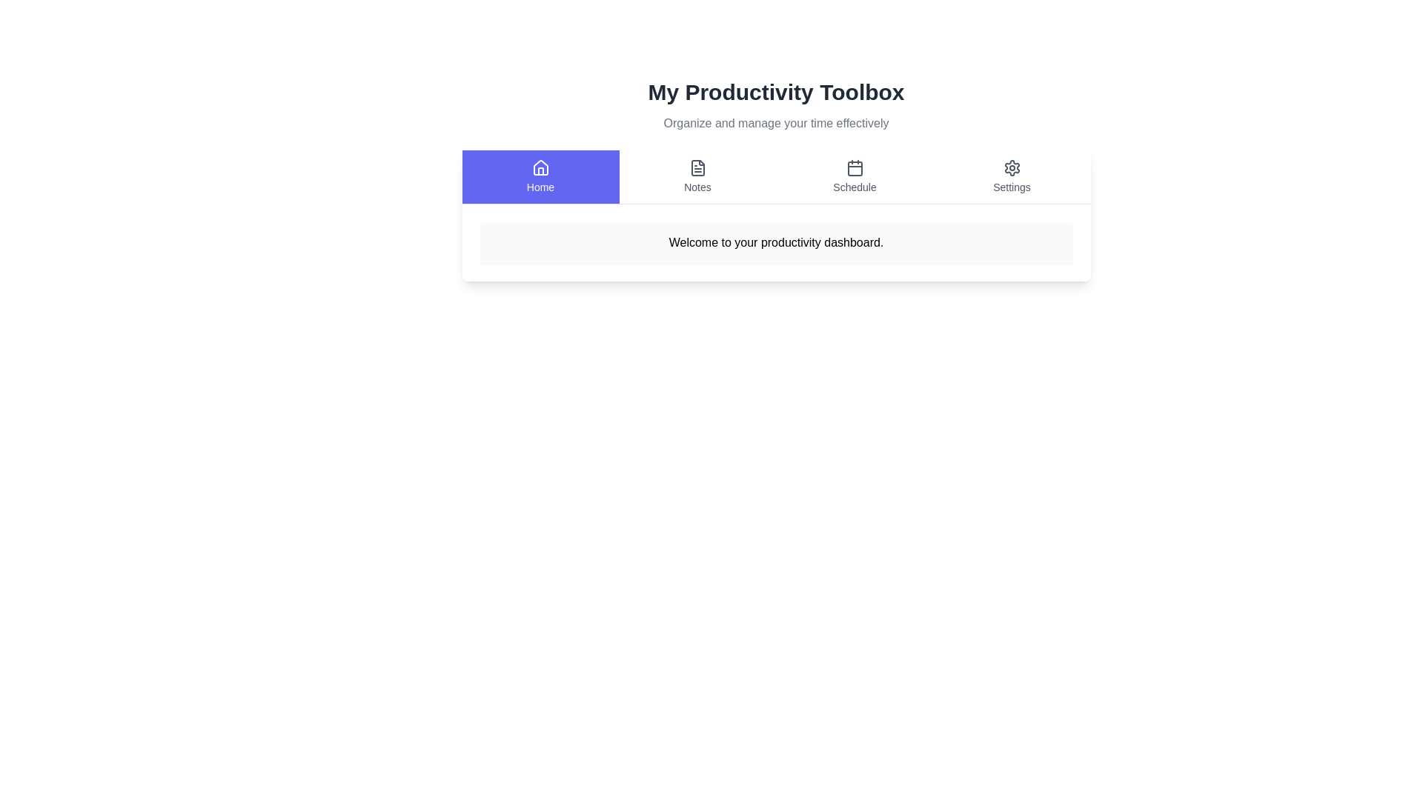  Describe the element at coordinates (1011, 176) in the screenshot. I see `the 'Settings' button in the top navigation bar, which features a gear icon and a small grayish label` at that location.